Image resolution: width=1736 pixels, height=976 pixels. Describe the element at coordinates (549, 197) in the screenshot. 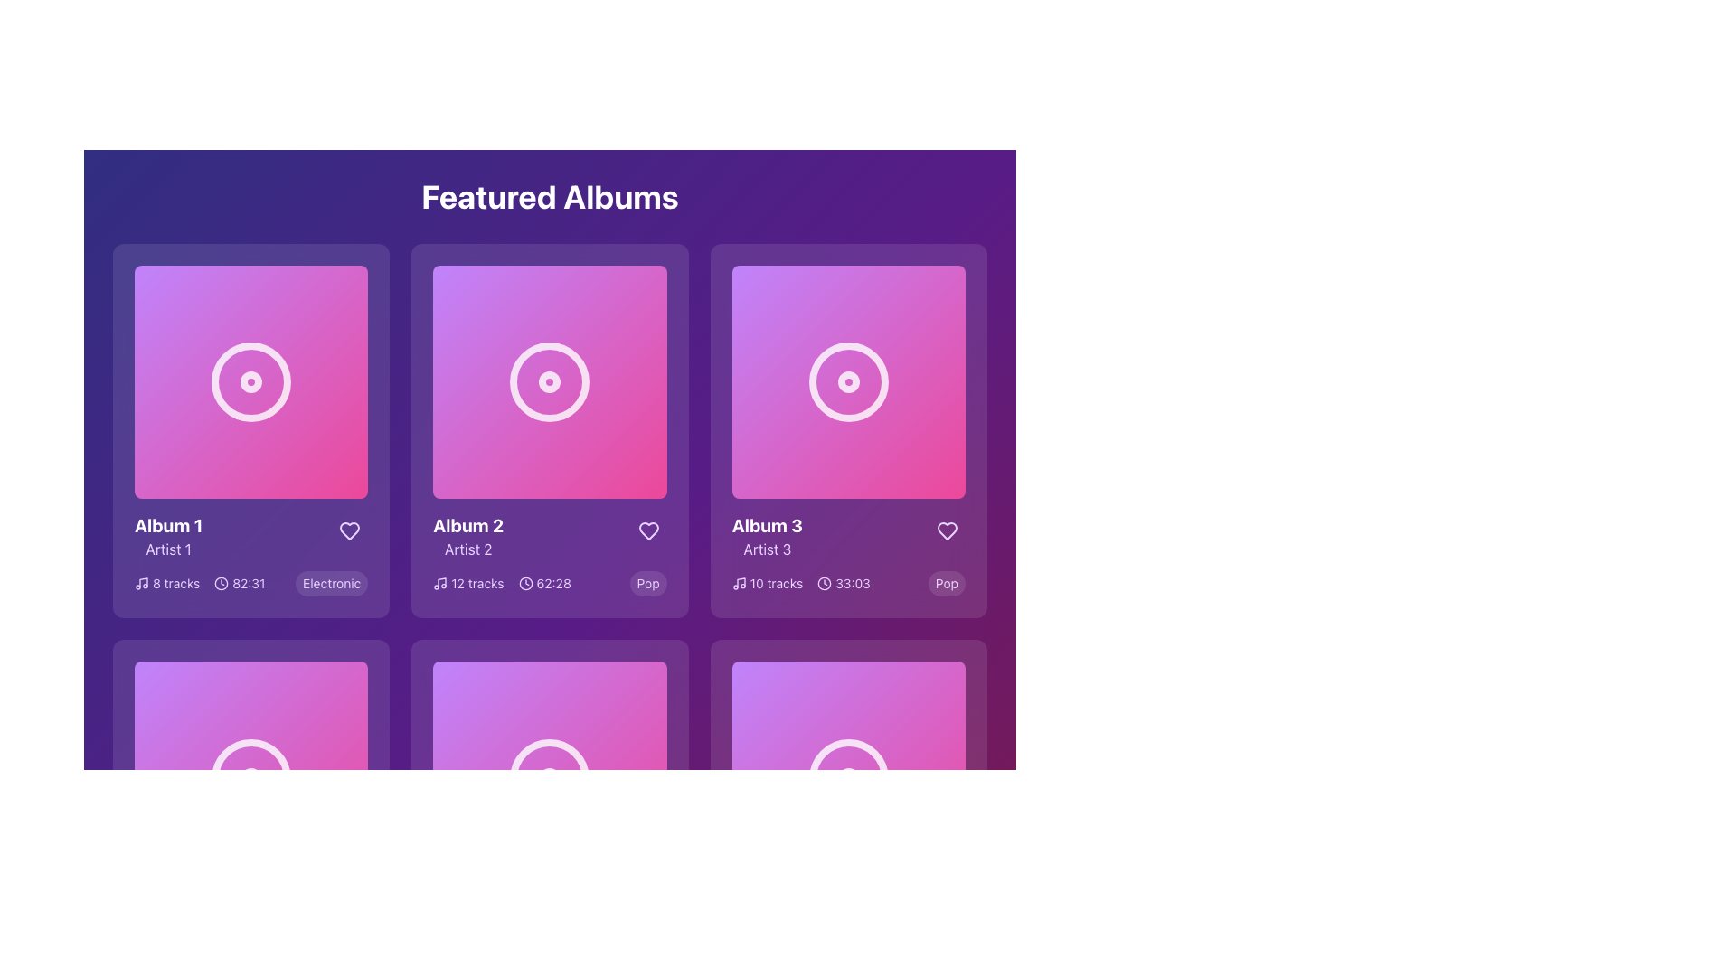

I see `the large, bold text header labeled 'Featured Albums' that is prominently displayed on a purple gradient background` at that location.